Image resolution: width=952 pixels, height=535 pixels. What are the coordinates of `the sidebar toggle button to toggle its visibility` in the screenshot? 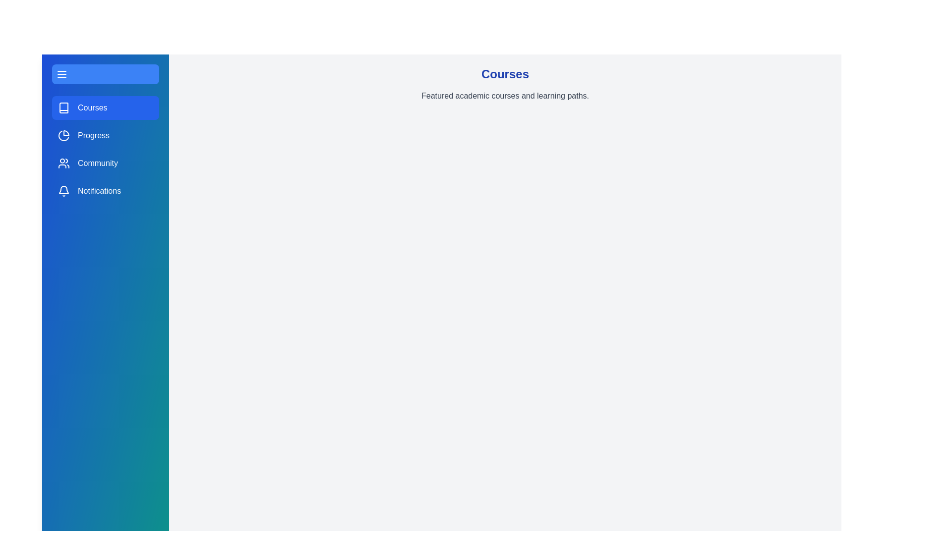 It's located at (105, 74).